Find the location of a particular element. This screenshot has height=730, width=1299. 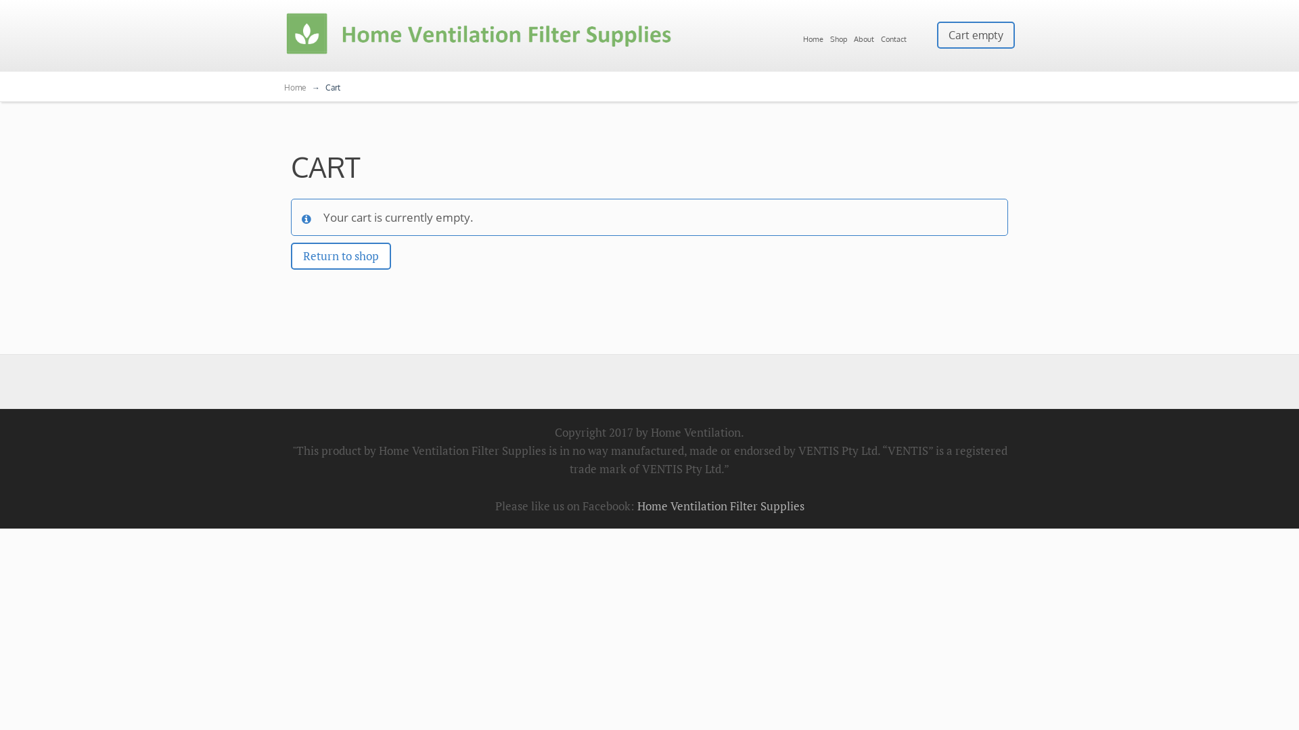

'Return to shop' is located at coordinates (290, 255).